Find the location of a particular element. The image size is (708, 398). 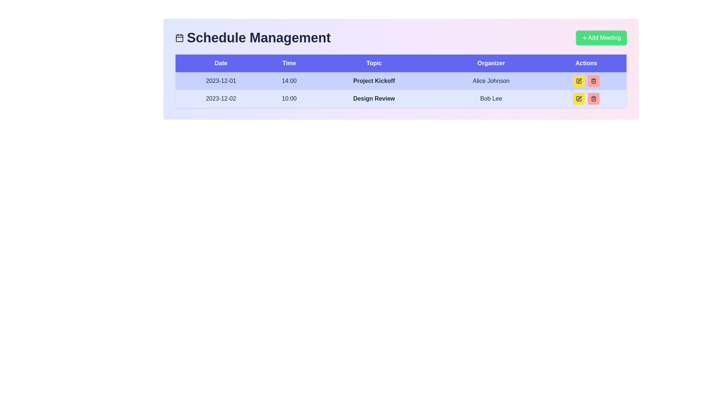

the icon button resembling a pen in the Actions column of the second row is located at coordinates (579, 80).